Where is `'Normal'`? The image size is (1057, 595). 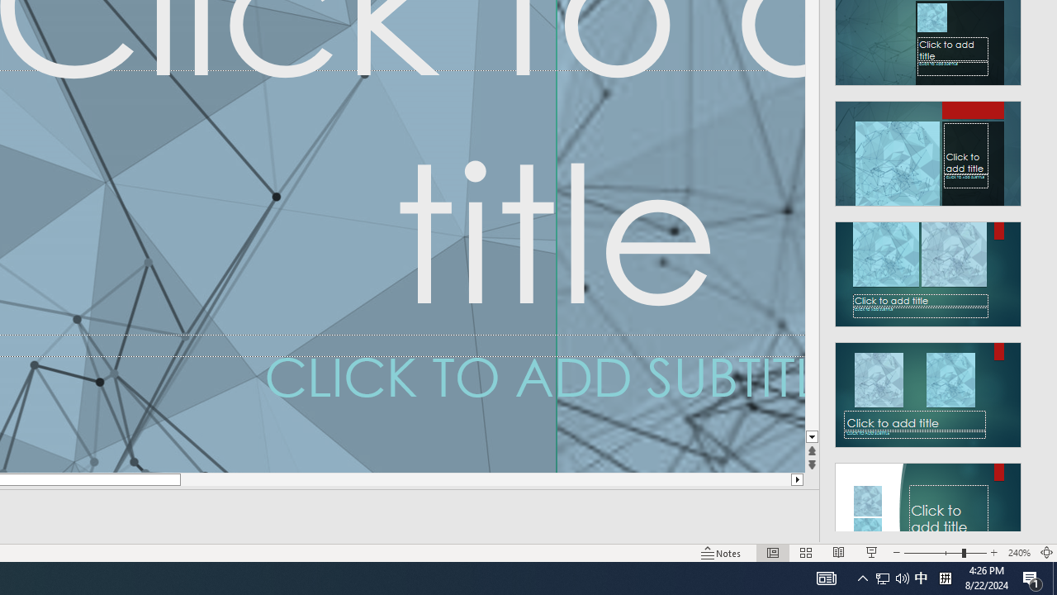
'Normal' is located at coordinates (772, 553).